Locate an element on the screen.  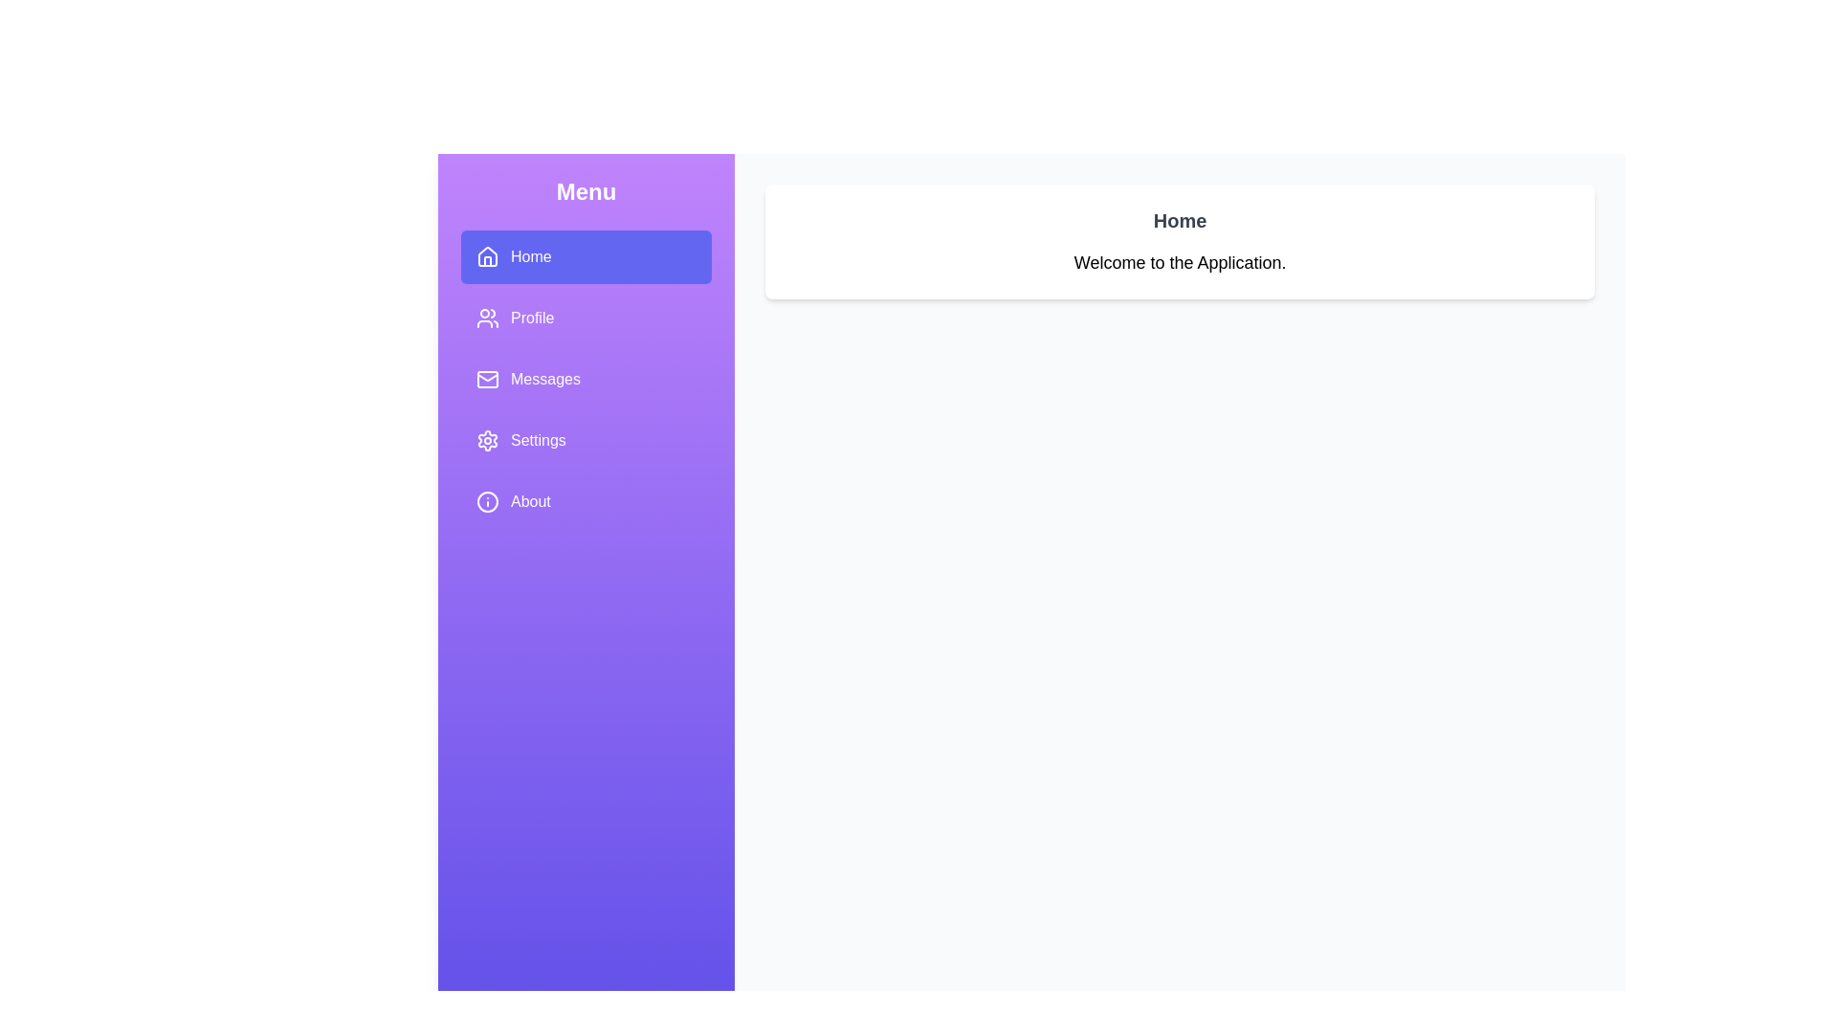
the fourth menu item in the vertical navigation menu is located at coordinates (586, 441).